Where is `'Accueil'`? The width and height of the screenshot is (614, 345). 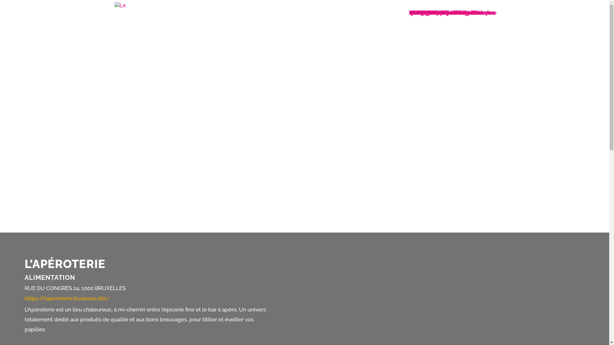 'Accueil' is located at coordinates (419, 12).